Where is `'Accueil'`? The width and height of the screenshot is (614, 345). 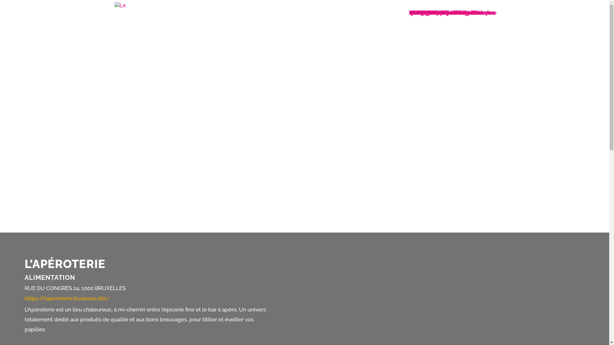 'Accueil' is located at coordinates (419, 12).